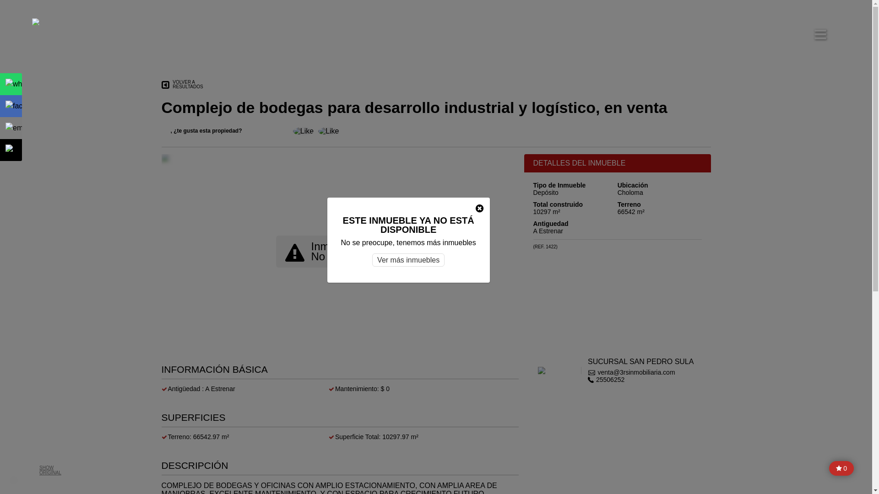  Describe the element at coordinates (829, 468) in the screenshot. I see `'0'` at that location.